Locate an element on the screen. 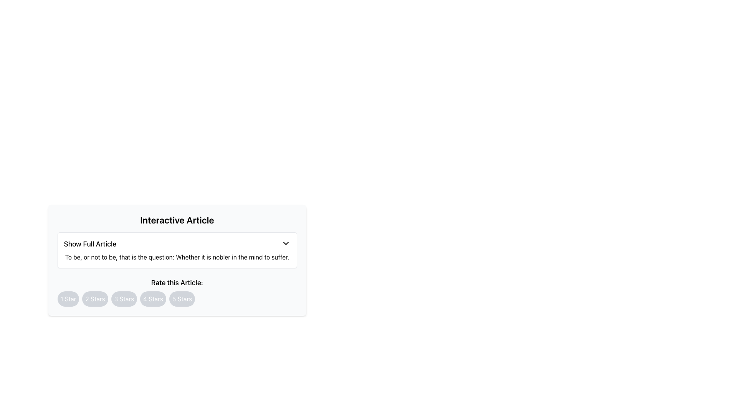 The width and height of the screenshot is (737, 414). the oval button with light gray background and '3 Stars' text is located at coordinates (124, 298).